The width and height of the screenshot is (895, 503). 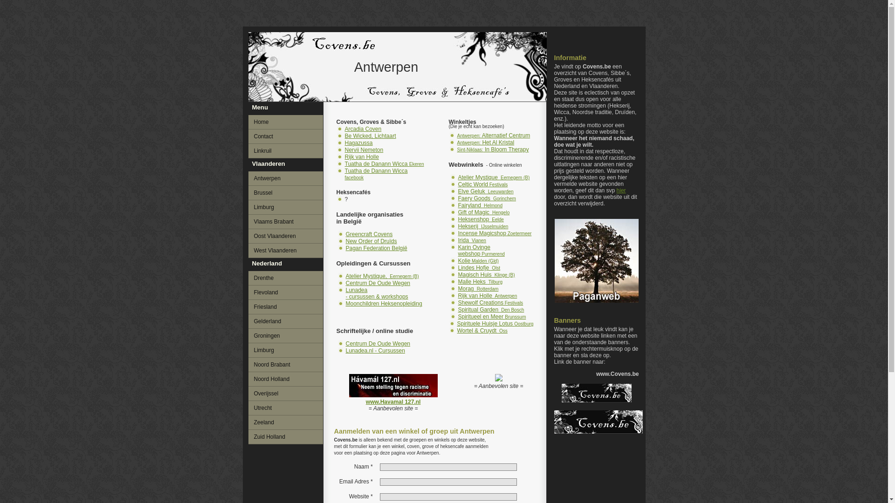 What do you see at coordinates (284, 206) in the screenshot?
I see `'Limburg'` at bounding box center [284, 206].